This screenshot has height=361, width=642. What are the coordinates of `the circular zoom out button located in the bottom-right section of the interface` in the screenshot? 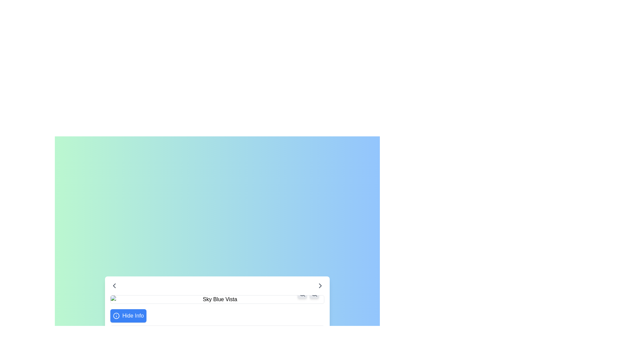 It's located at (302, 293).